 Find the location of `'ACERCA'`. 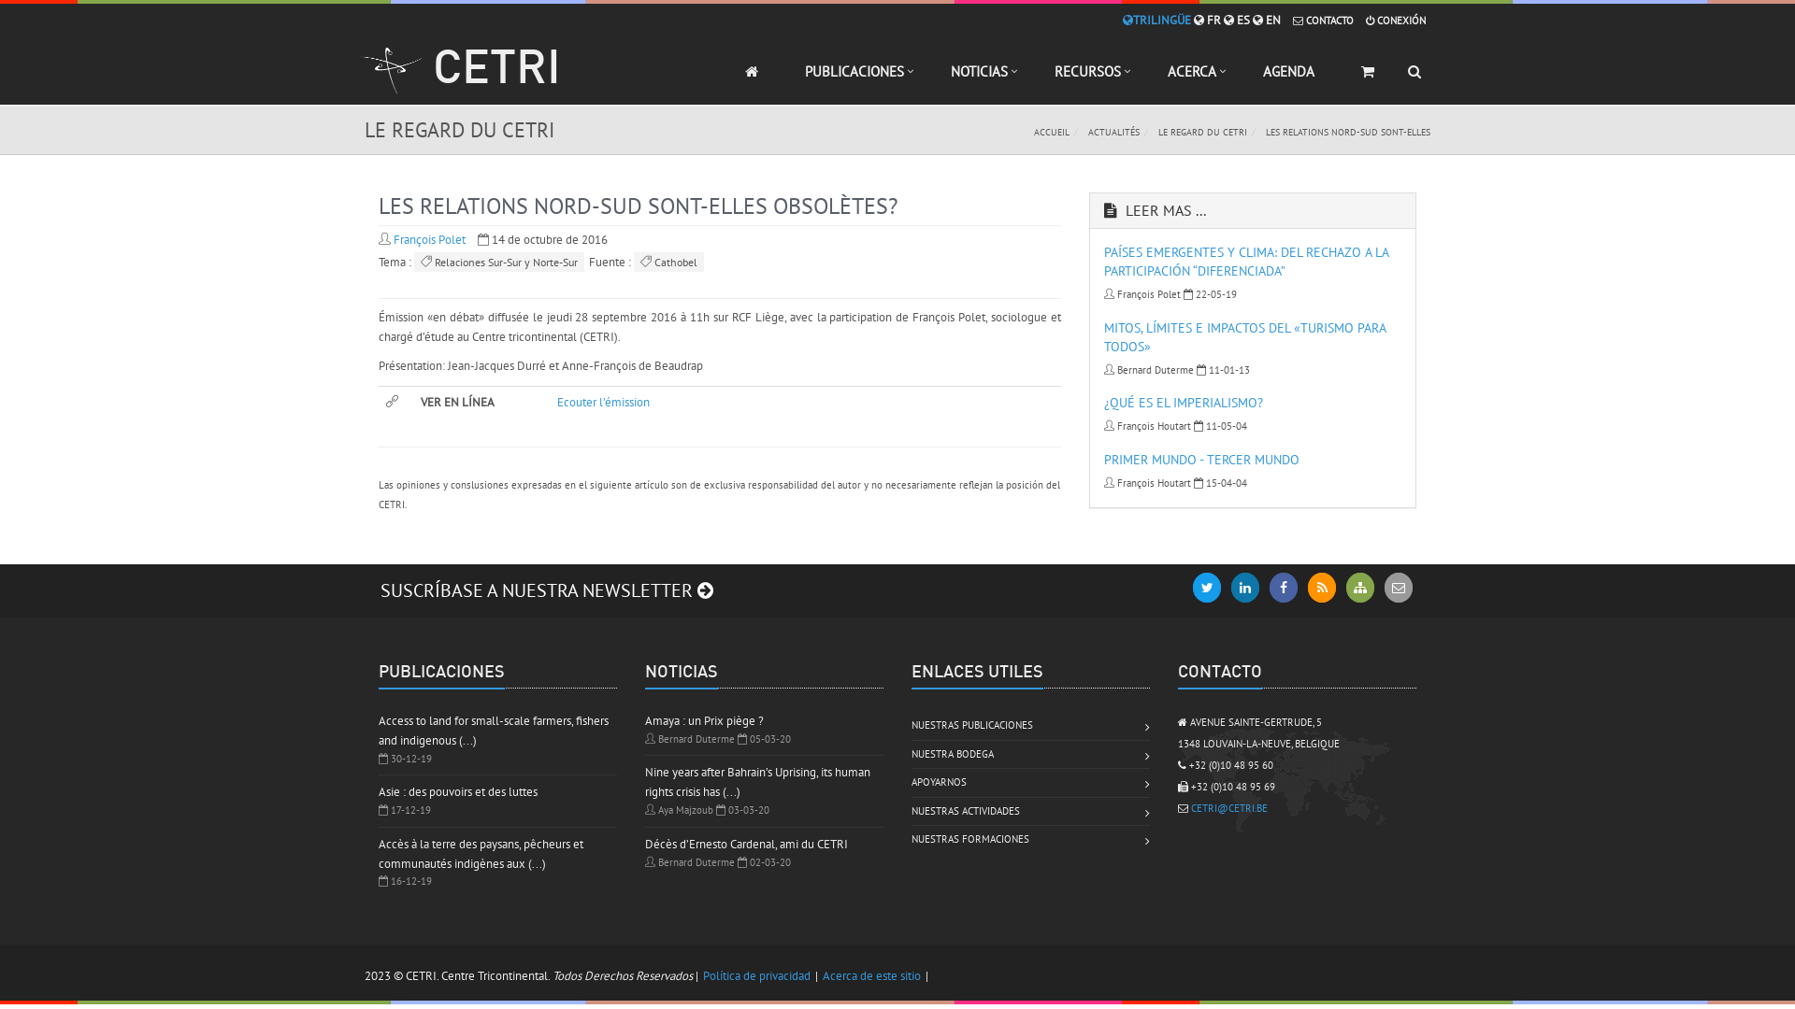

'ACERCA' is located at coordinates (1191, 78).